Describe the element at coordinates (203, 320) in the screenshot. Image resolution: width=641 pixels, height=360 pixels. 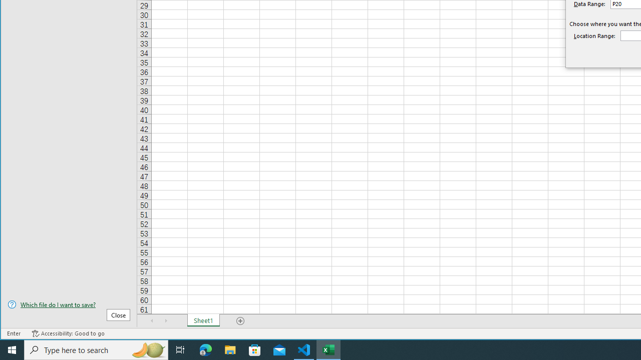
I see `'Sheet1'` at that location.